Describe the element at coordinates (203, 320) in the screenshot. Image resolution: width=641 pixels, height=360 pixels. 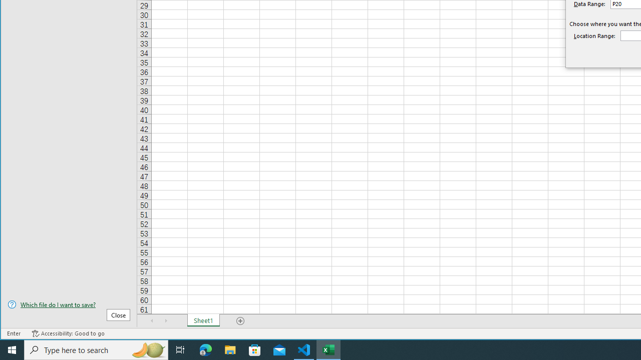
I see `'Sheet1'` at that location.